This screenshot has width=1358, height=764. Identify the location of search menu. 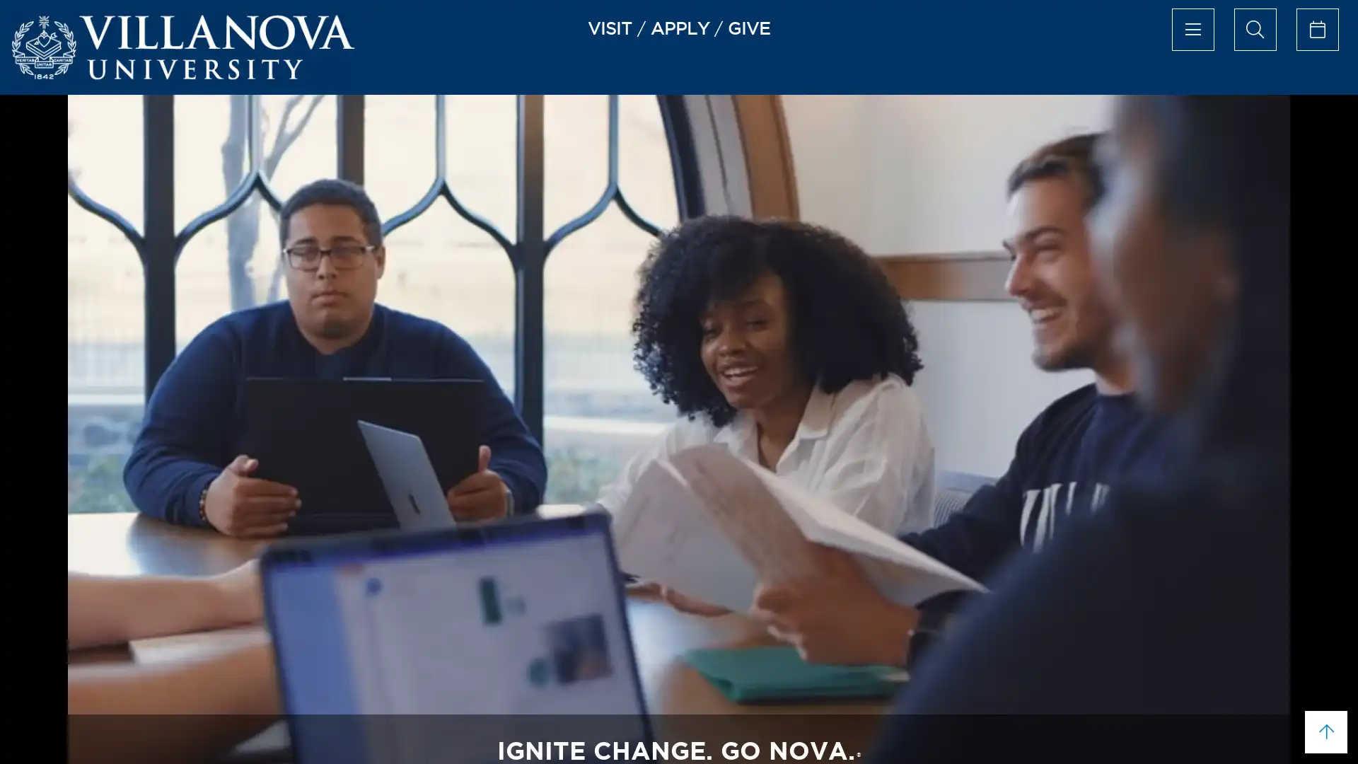
(1255, 30).